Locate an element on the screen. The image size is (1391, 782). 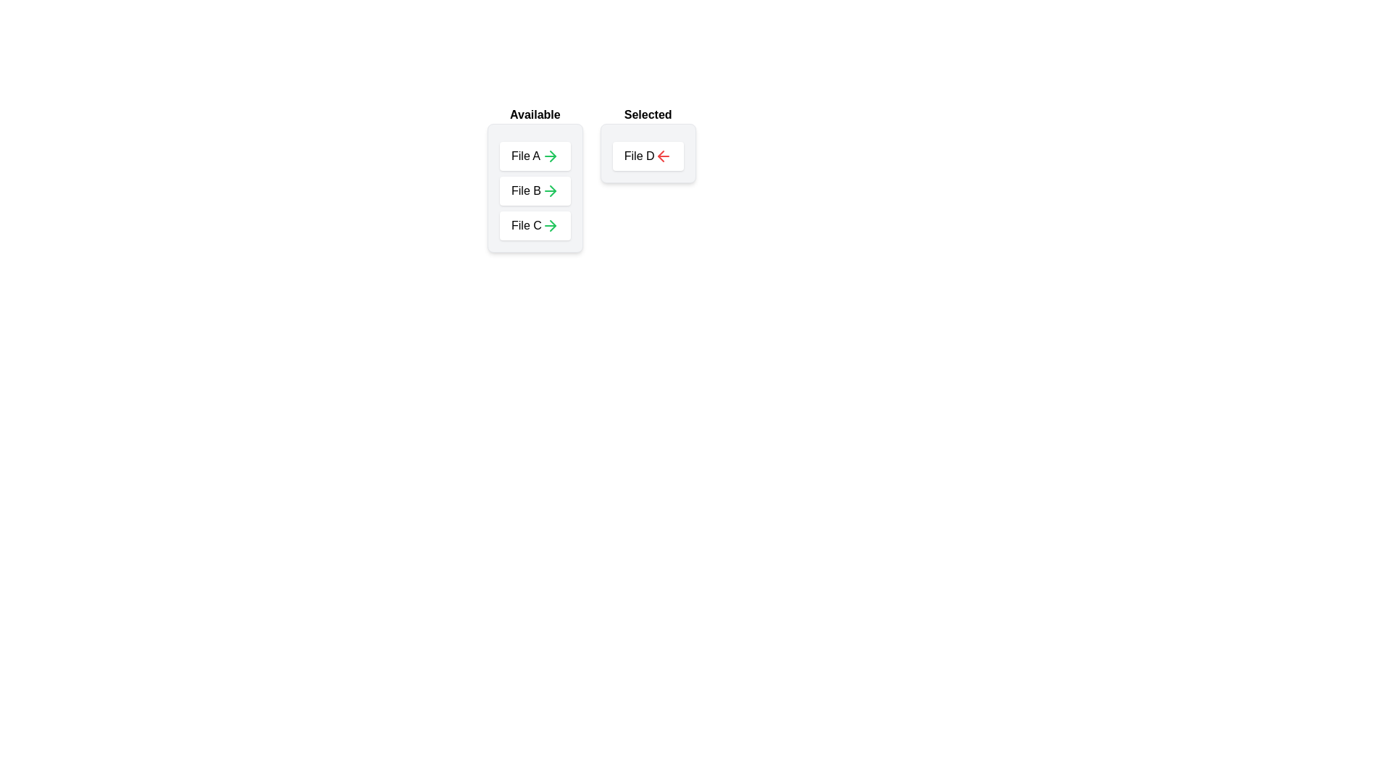
left arrow icon next to 'File D' in the 'Selected' list is located at coordinates (662, 156).